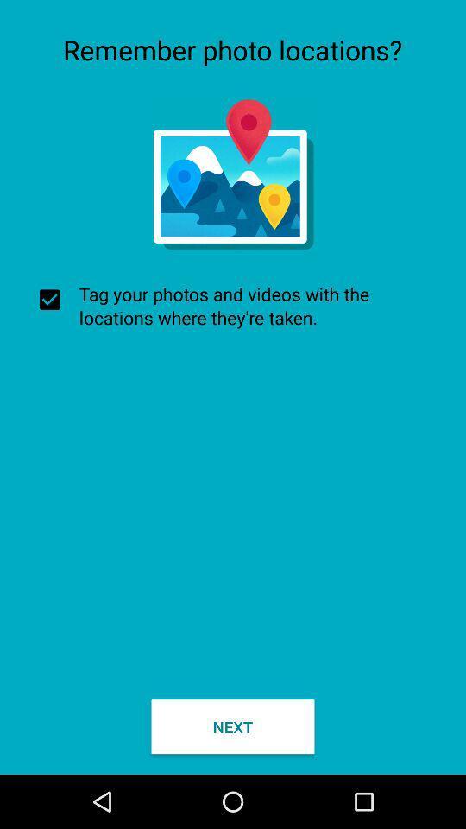  I want to click on the tag your photos, so click(233, 306).